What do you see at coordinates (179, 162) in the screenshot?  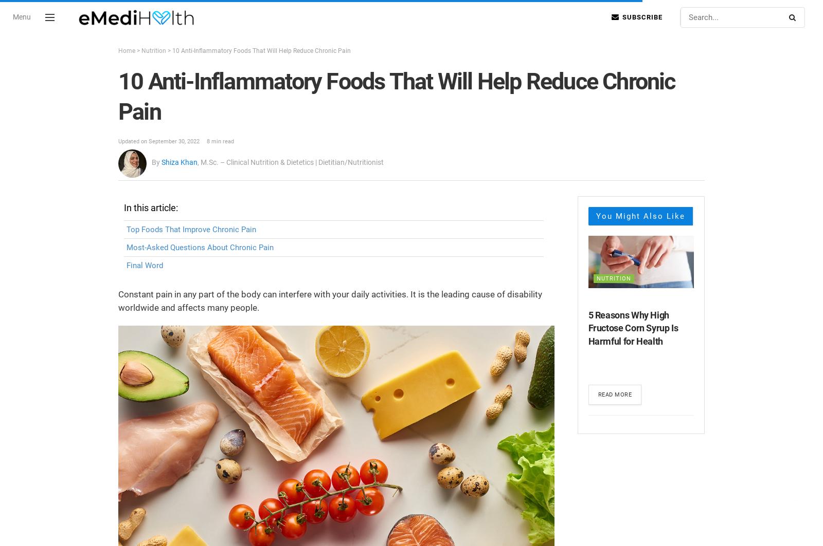 I see `'Shiza Khan'` at bounding box center [179, 162].